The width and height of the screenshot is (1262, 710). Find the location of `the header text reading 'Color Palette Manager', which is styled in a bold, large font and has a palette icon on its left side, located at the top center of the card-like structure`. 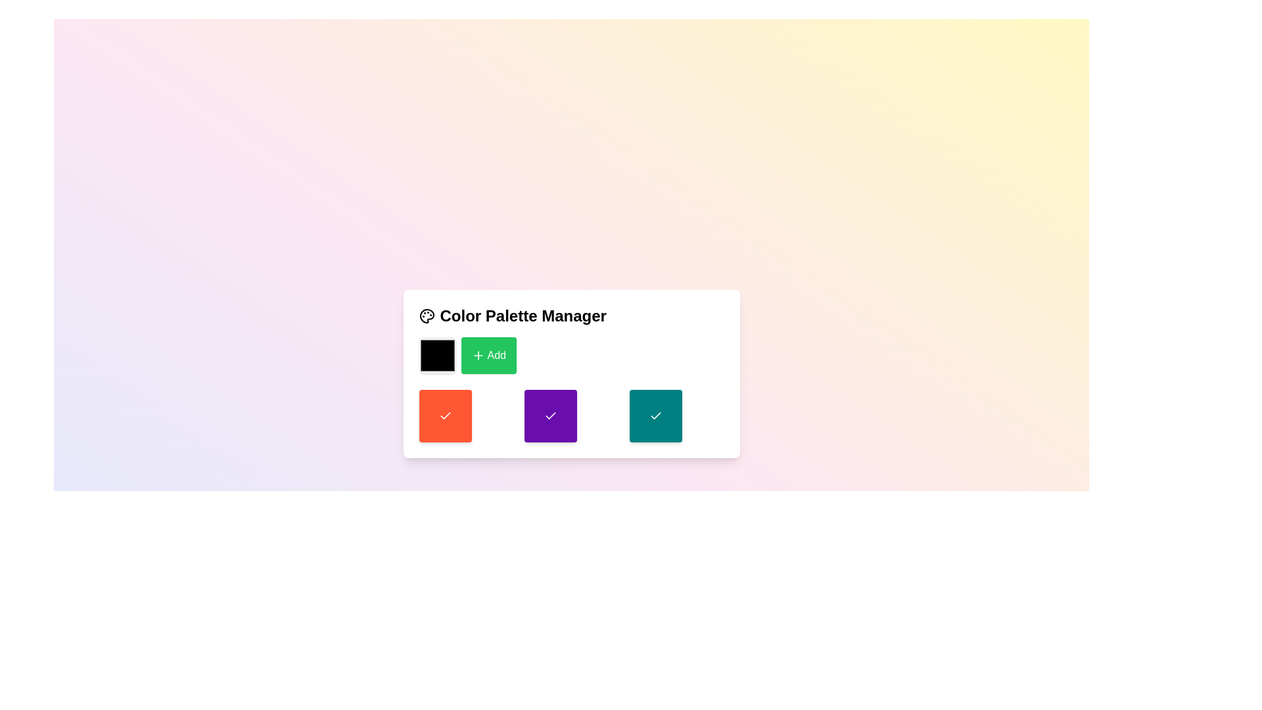

the header text reading 'Color Palette Manager', which is styled in a bold, large font and has a palette icon on its left side, located at the top center of the card-like structure is located at coordinates (571, 316).